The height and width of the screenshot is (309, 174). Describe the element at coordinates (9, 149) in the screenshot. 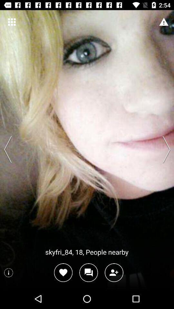

I see `previous profile` at that location.